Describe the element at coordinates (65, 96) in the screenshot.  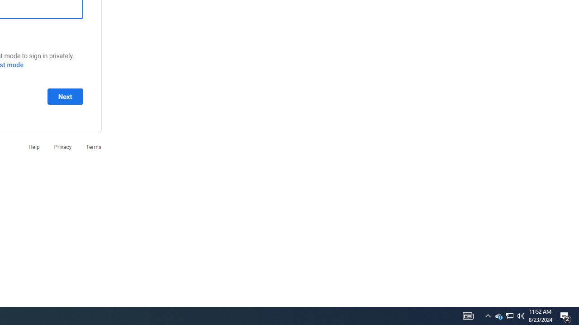
I see `'Next'` at that location.